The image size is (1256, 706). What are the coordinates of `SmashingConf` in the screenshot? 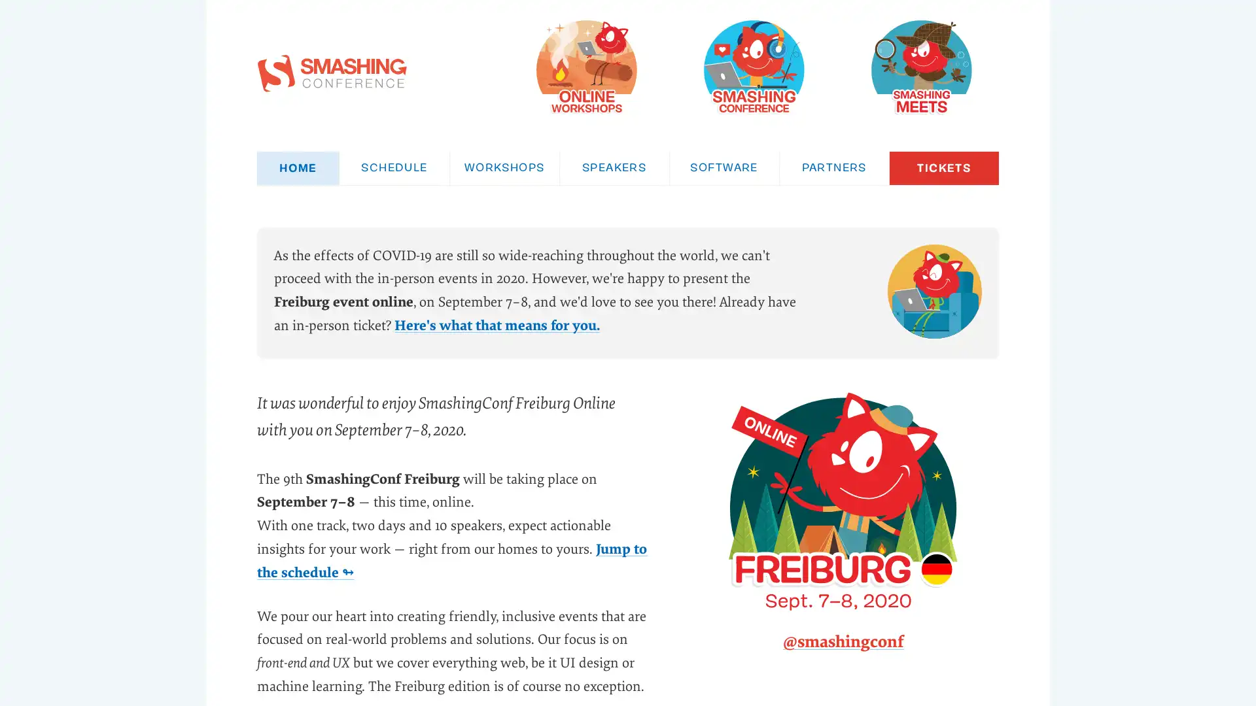 It's located at (754, 66).